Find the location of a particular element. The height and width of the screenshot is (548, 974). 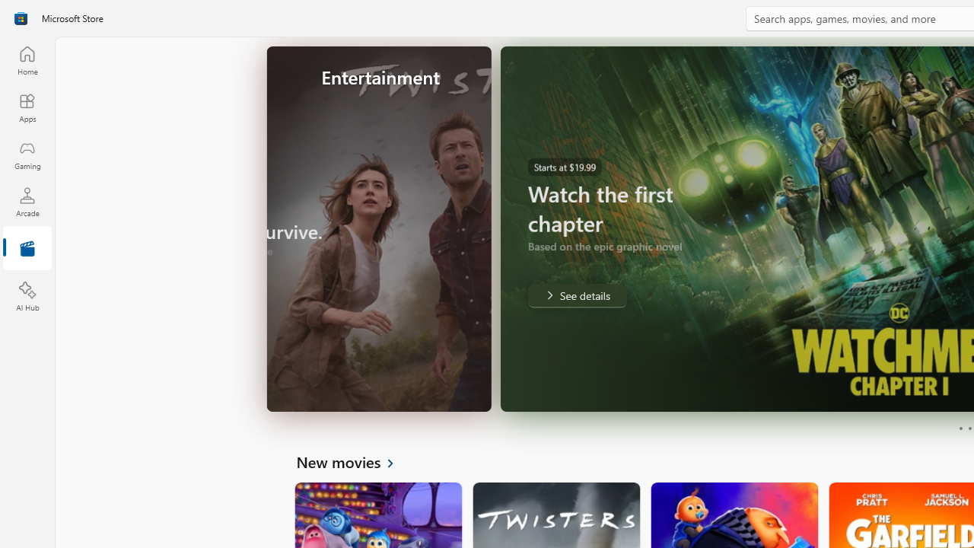

'See all  New movies' is located at coordinates (353, 460).